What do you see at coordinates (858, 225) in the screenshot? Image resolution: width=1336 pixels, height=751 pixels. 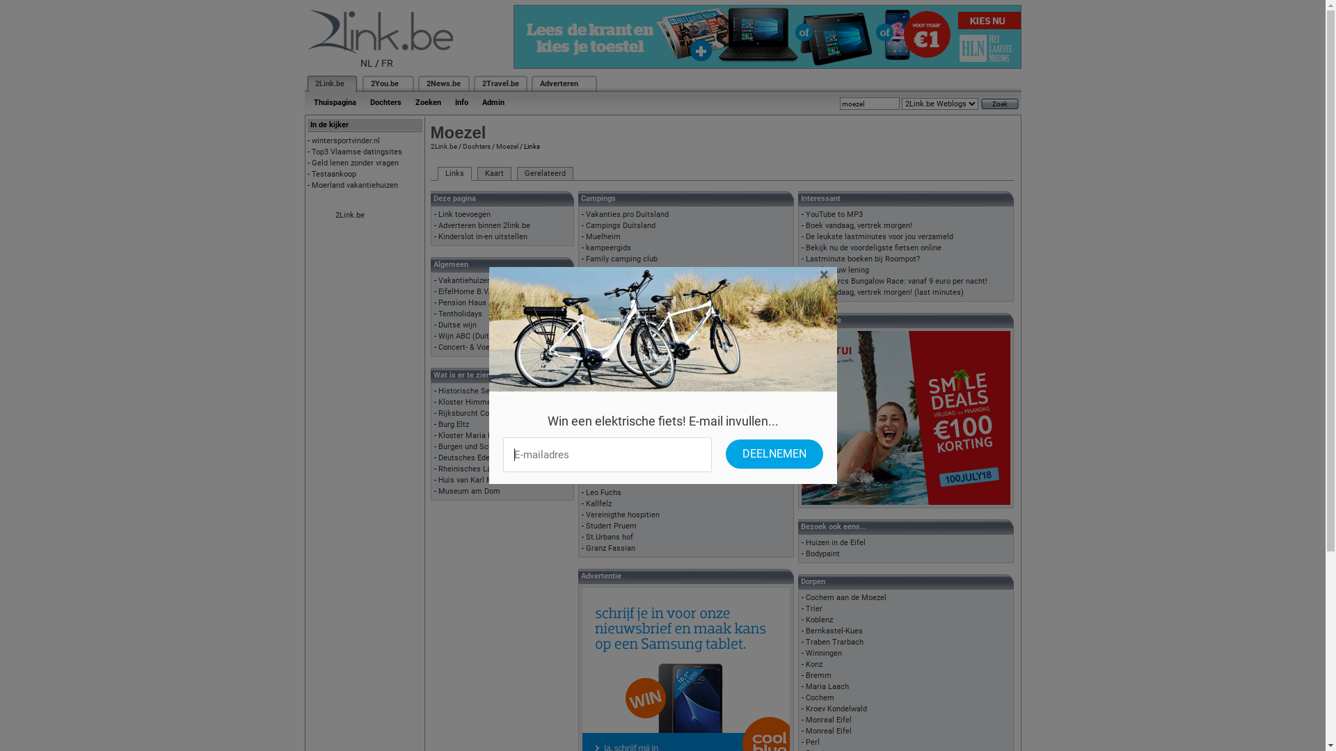 I see `'Boek vandaag, vertrek morgen!'` at bounding box center [858, 225].